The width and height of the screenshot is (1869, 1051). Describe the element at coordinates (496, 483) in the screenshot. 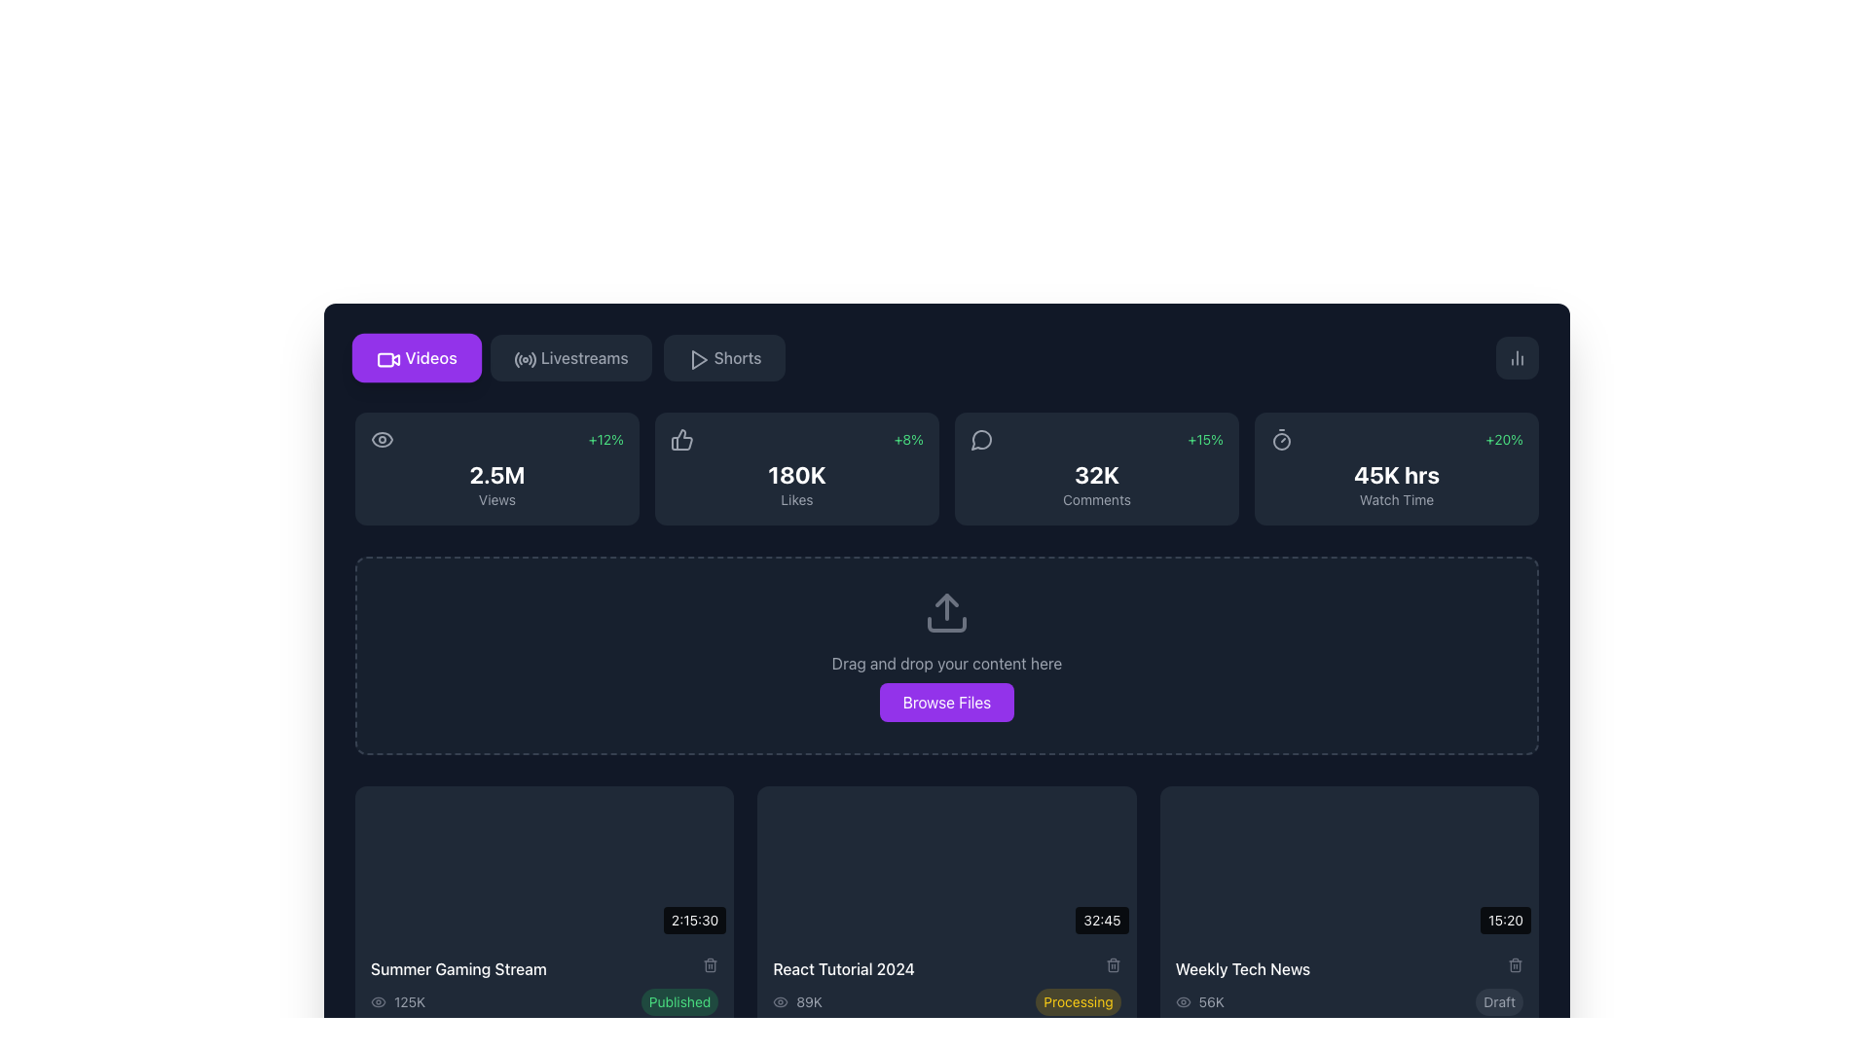

I see `text displaying the view count value '2.5M Views' located below the percentage increment indicator '+12%' on the left side of the statistics row` at that location.